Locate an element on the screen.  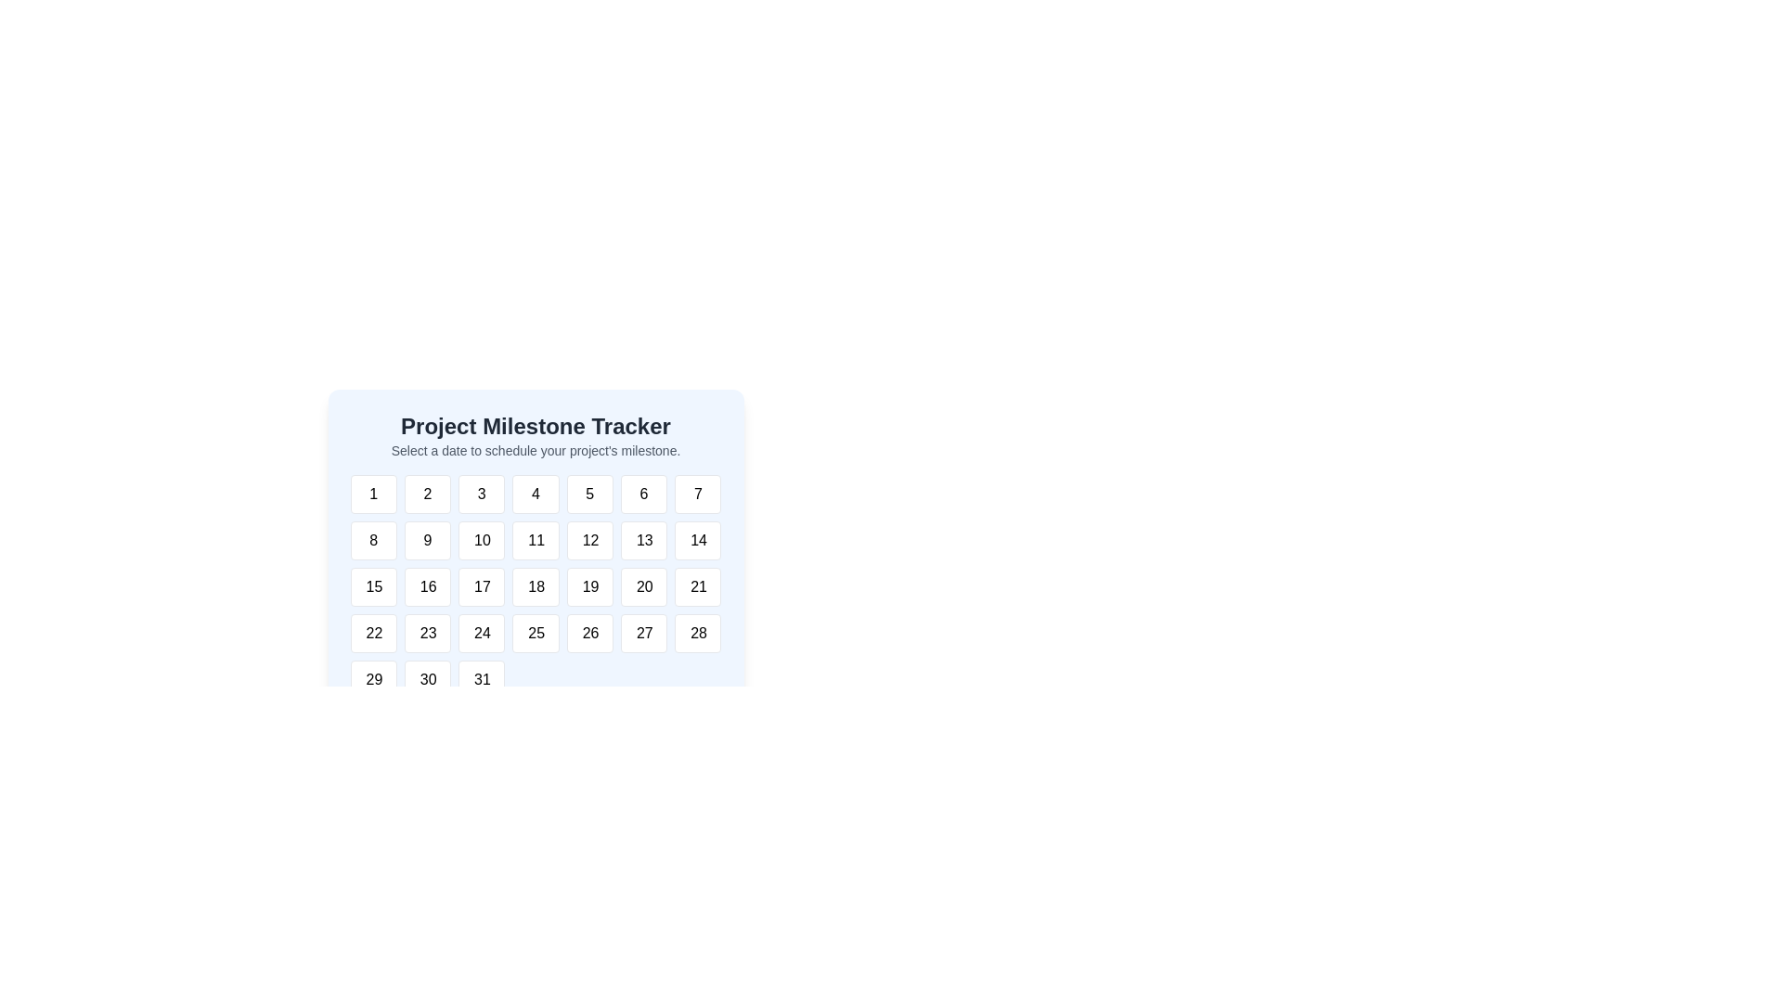
the button representing the seventh day of the month in the calendar interface is located at coordinates (697, 493).